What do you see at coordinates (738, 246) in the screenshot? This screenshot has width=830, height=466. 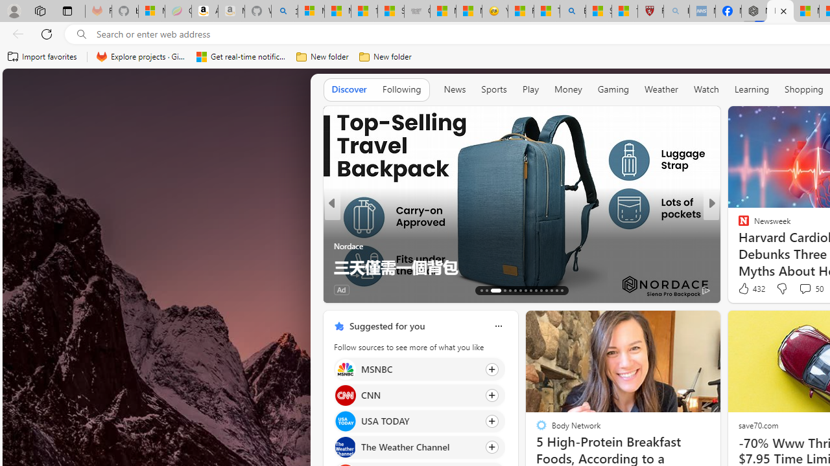 I see `'Only Earthlings'` at bounding box center [738, 246].